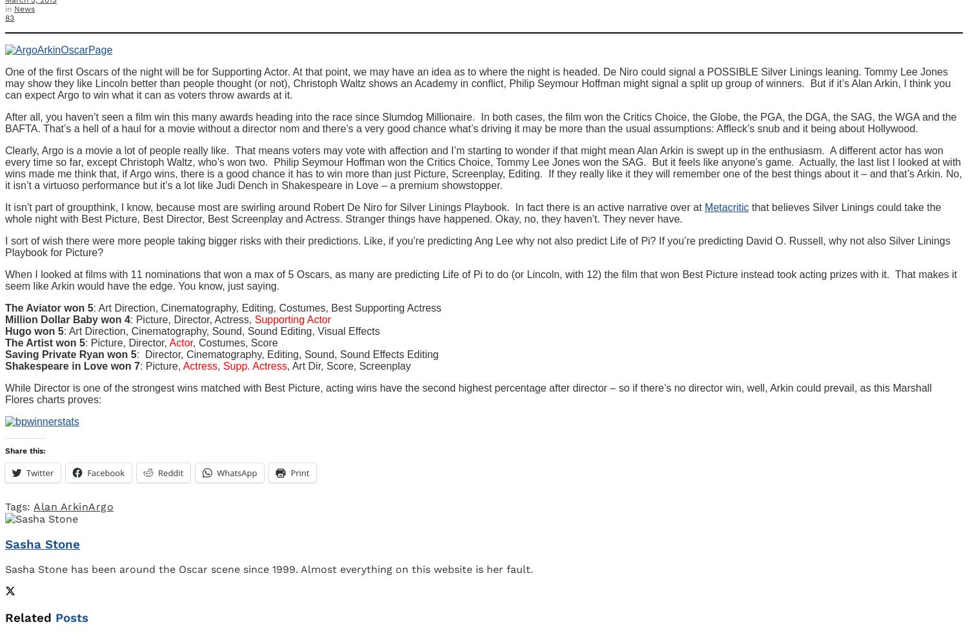 This screenshot has width=968, height=640. What do you see at coordinates (70, 354) in the screenshot?
I see `'Saving Private Ryan won 5'` at bounding box center [70, 354].